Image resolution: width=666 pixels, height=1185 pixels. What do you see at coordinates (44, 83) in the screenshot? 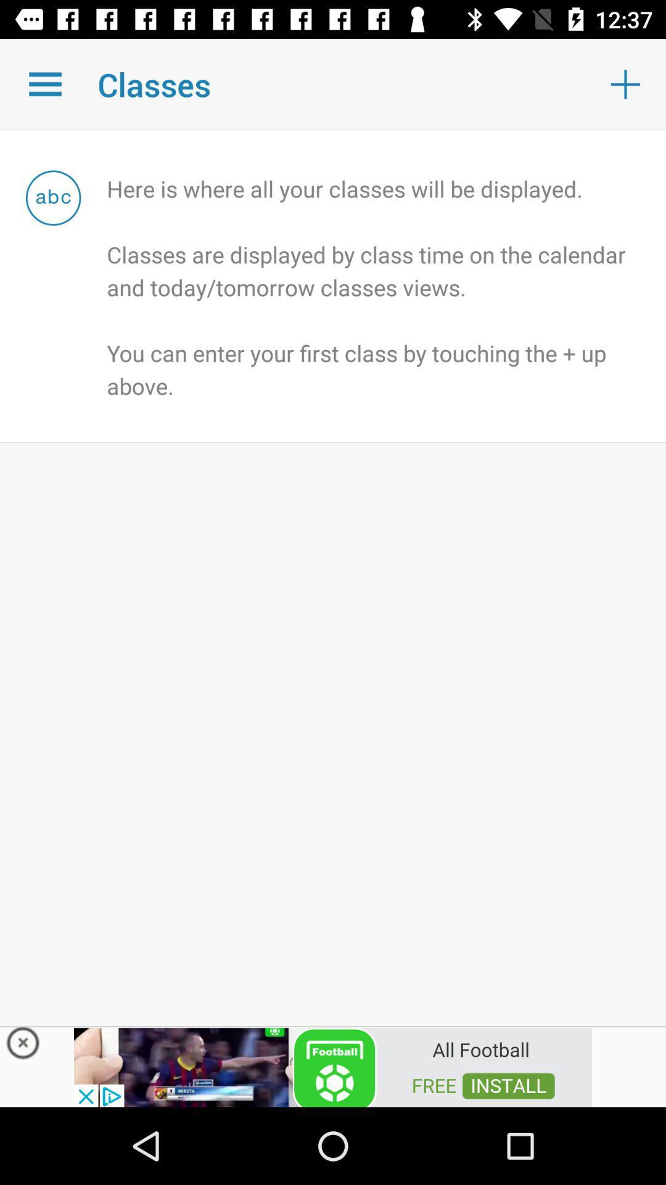
I see `multiple classes option` at bounding box center [44, 83].